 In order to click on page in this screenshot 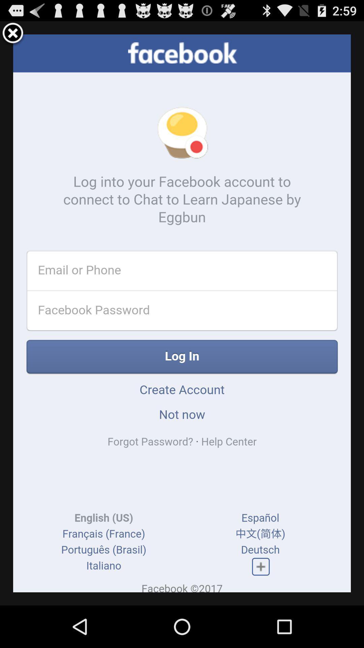, I will do `click(13, 34)`.